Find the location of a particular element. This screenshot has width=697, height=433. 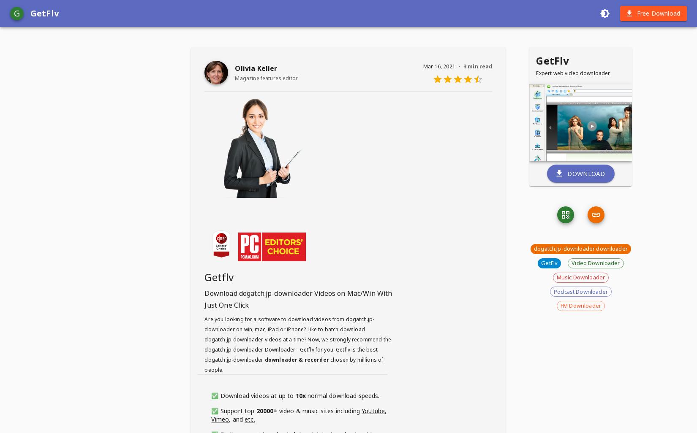

'Vimeo' is located at coordinates (220, 418).